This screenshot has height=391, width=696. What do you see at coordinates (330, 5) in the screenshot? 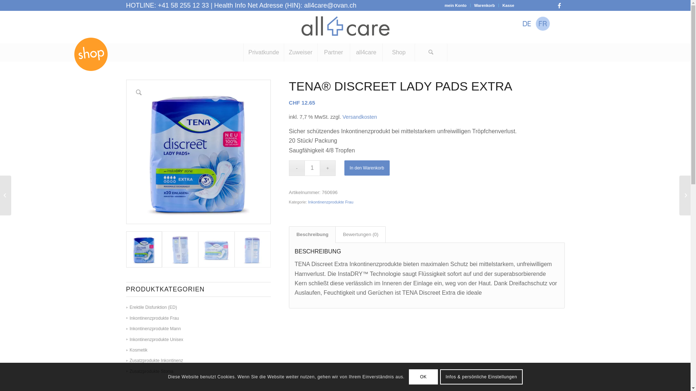
I see `'all4care@ovan.ch'` at bounding box center [330, 5].